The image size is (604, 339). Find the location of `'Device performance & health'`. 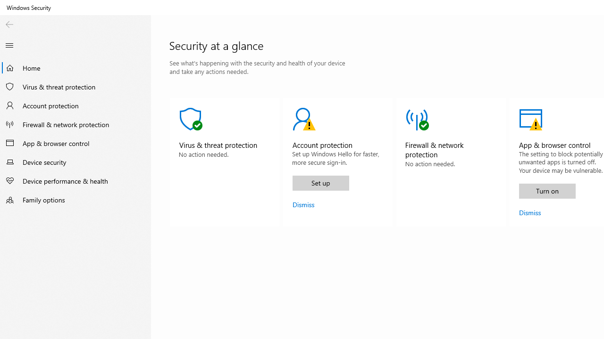

'Device performance & health' is located at coordinates (75, 181).